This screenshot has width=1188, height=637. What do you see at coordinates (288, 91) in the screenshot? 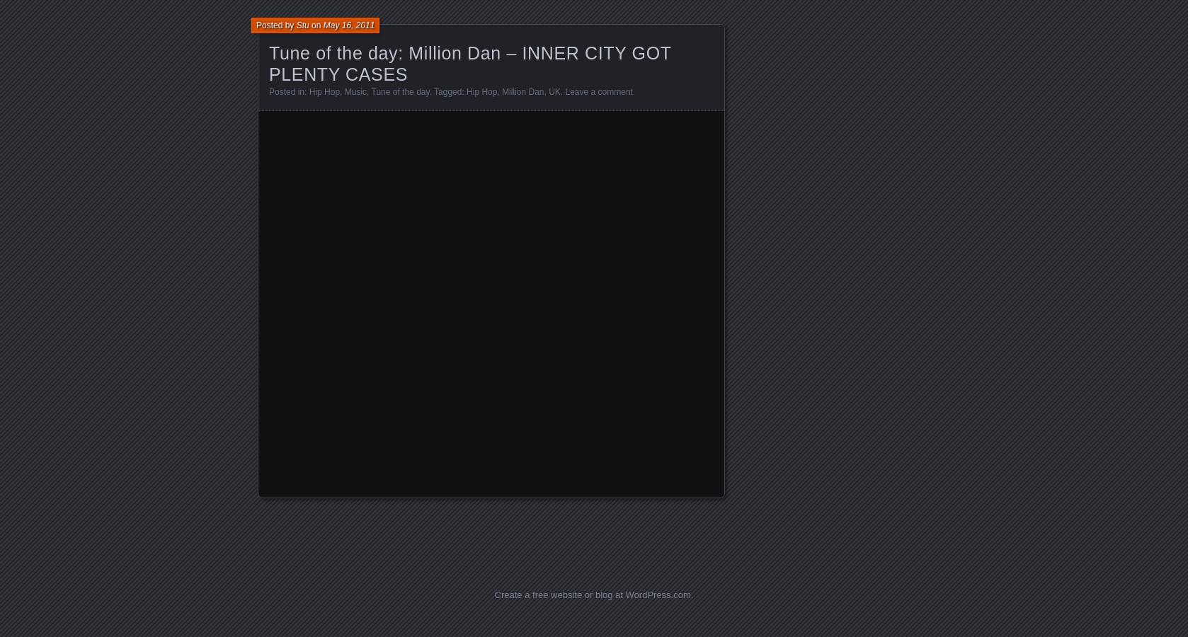
I see `'Posted in:'` at bounding box center [288, 91].